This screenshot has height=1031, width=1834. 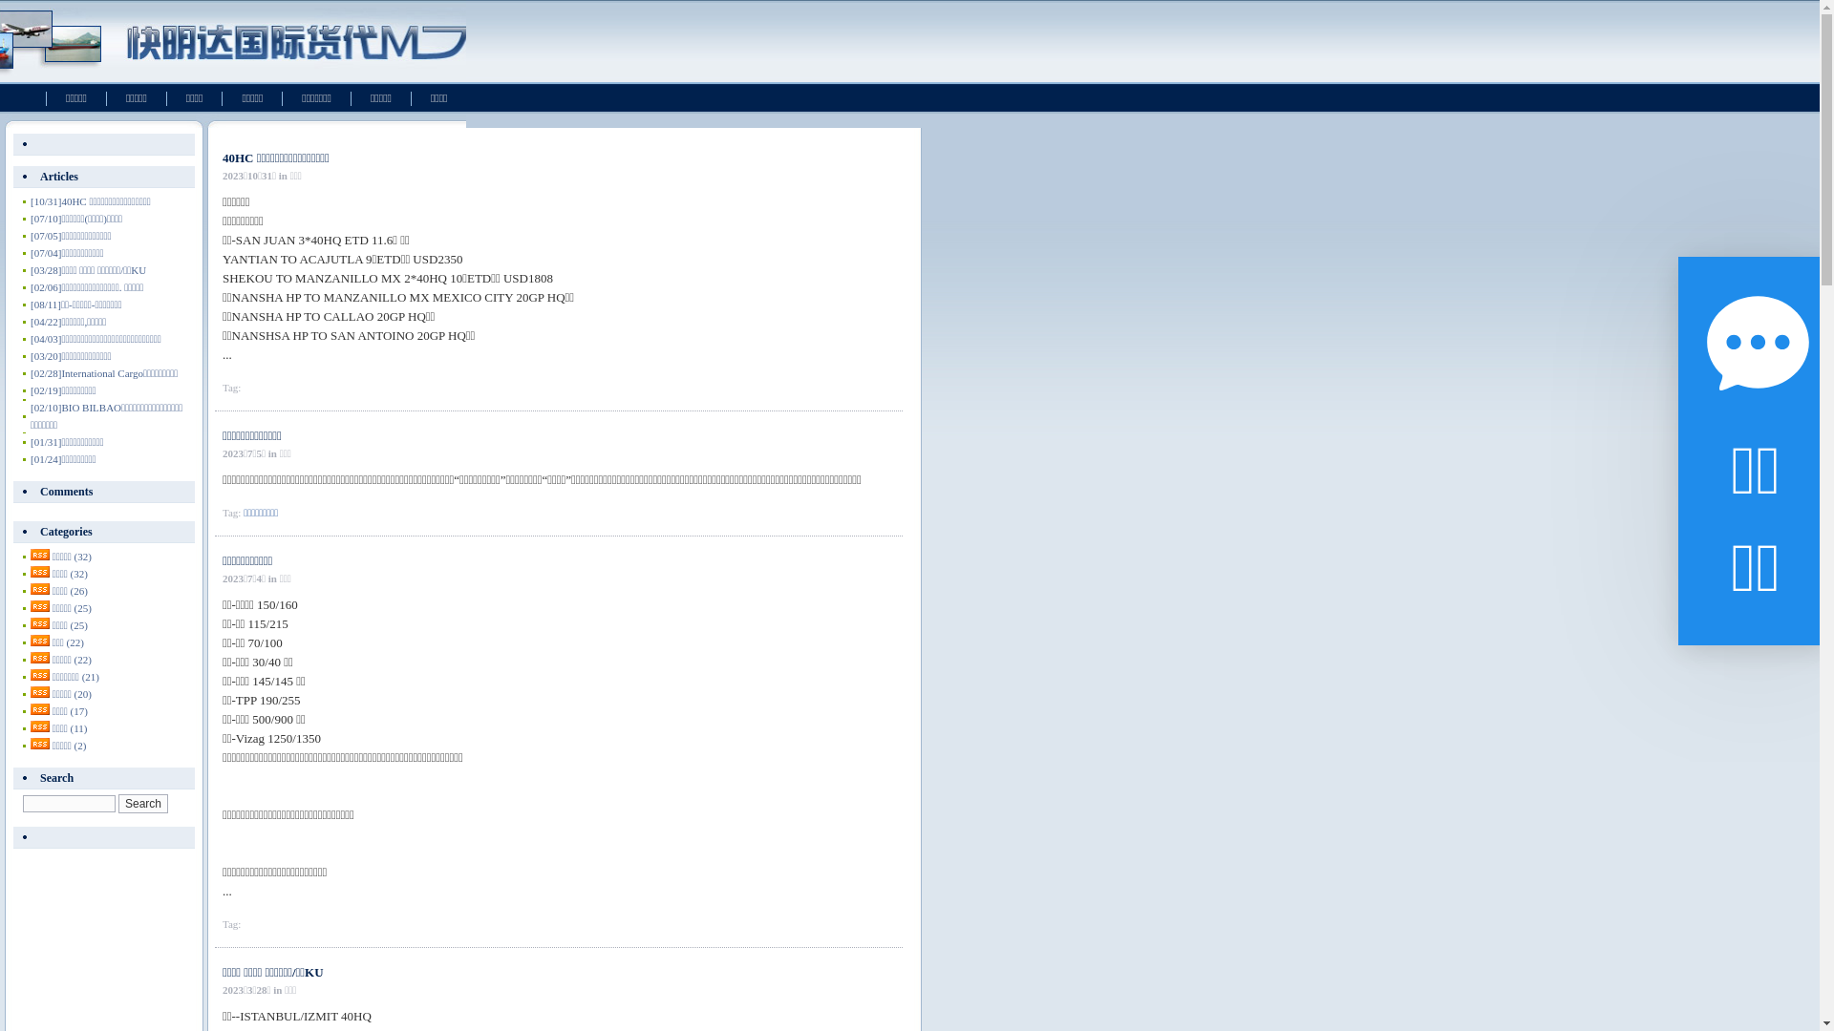 What do you see at coordinates (40, 588) in the screenshot?
I see `'rss'` at bounding box center [40, 588].